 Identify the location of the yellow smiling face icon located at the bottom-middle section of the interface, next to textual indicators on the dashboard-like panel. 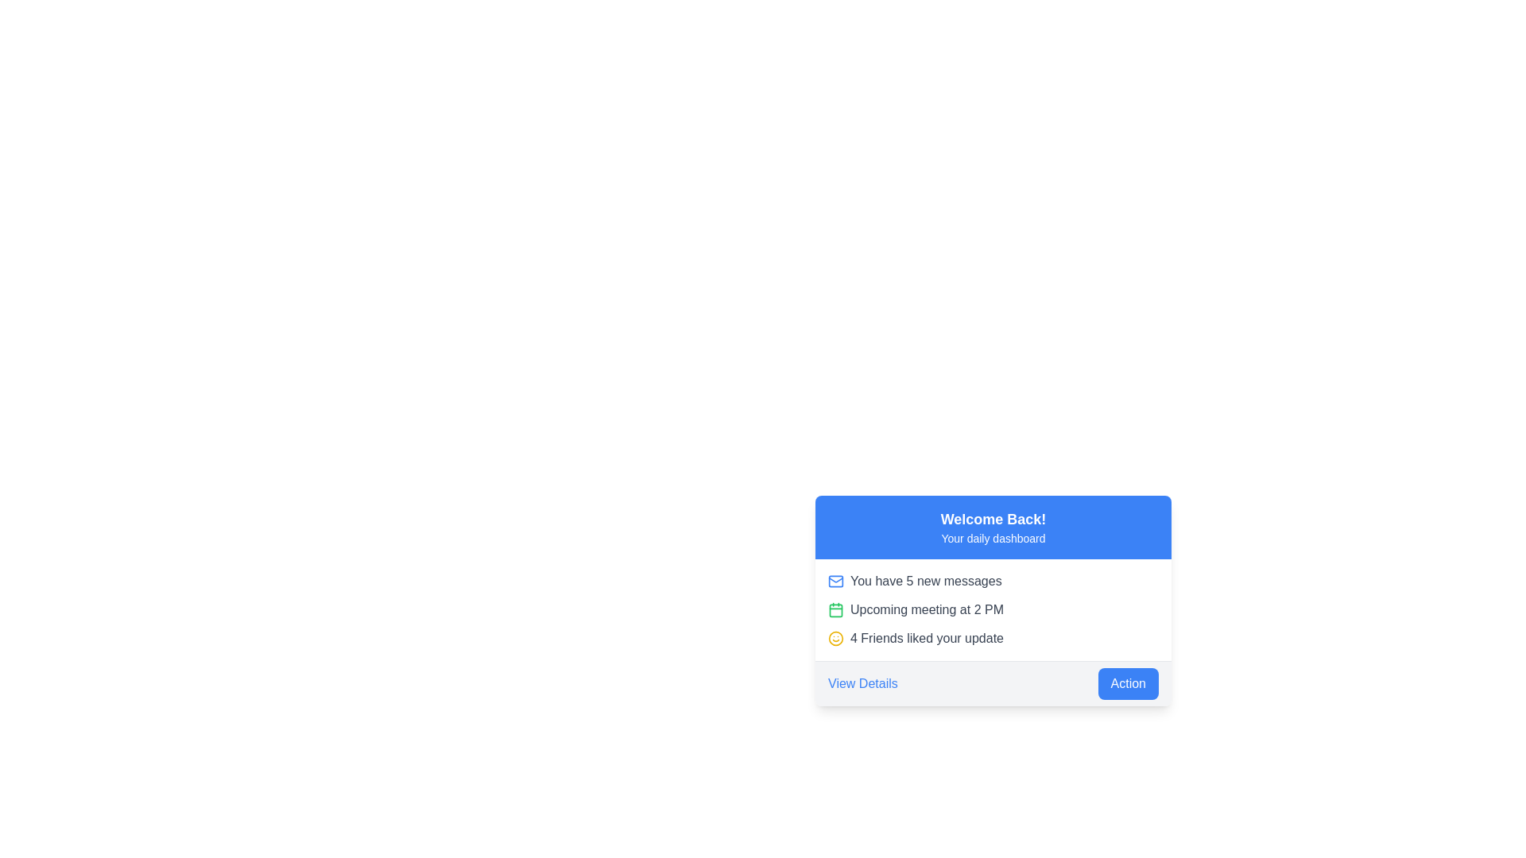
(835, 637).